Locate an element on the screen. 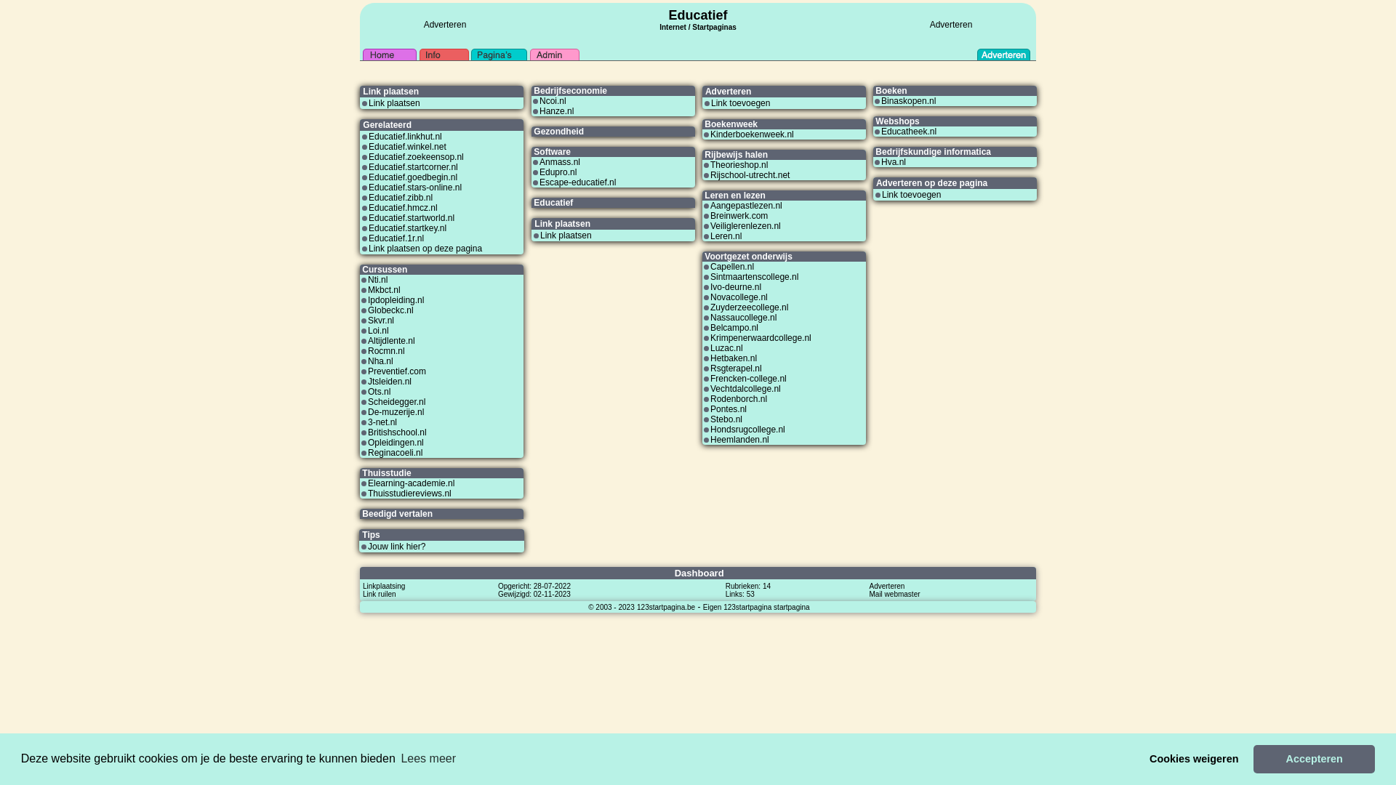 The width and height of the screenshot is (1396, 785). 'Rsgterapel.nl' is located at coordinates (736, 367).